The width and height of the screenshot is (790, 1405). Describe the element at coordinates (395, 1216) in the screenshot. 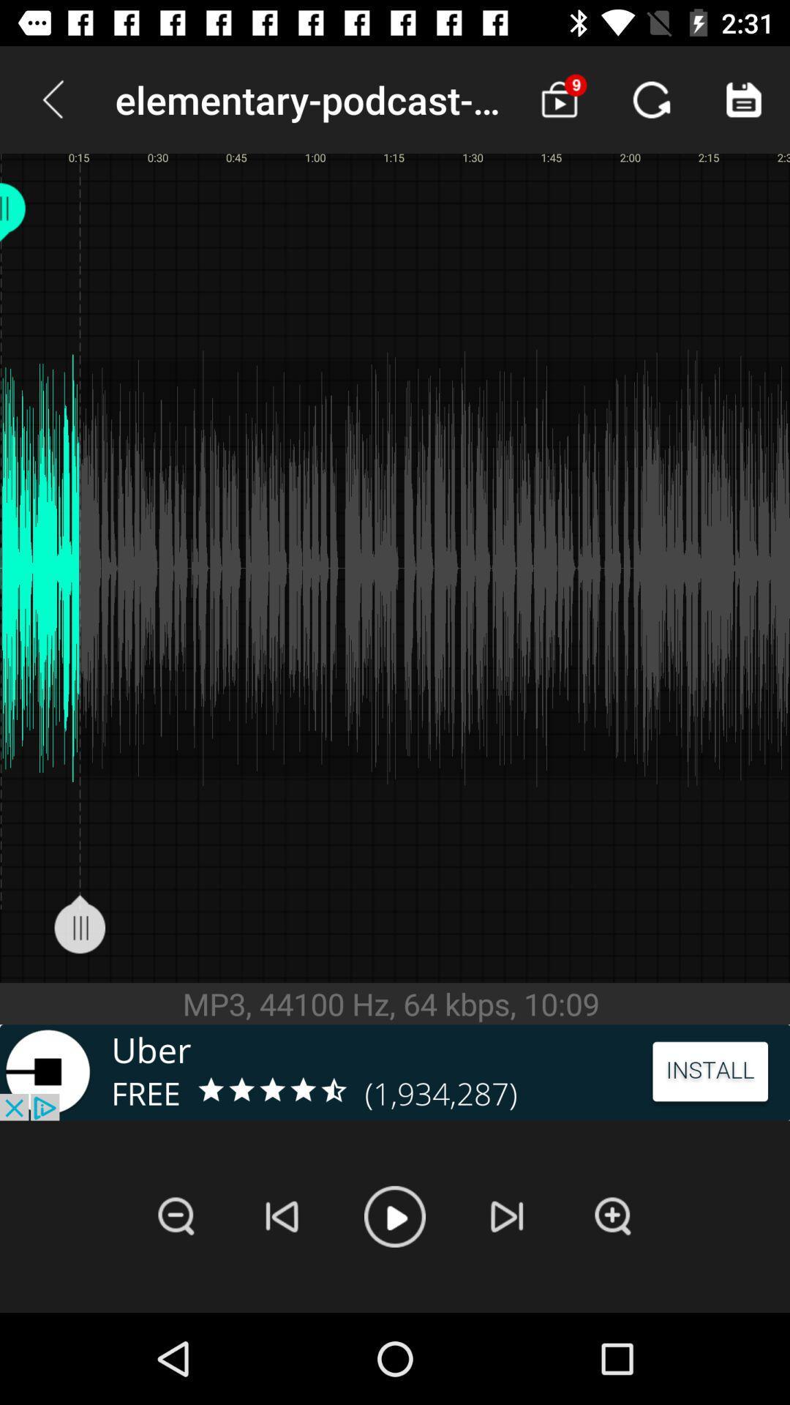

I see `audio` at that location.